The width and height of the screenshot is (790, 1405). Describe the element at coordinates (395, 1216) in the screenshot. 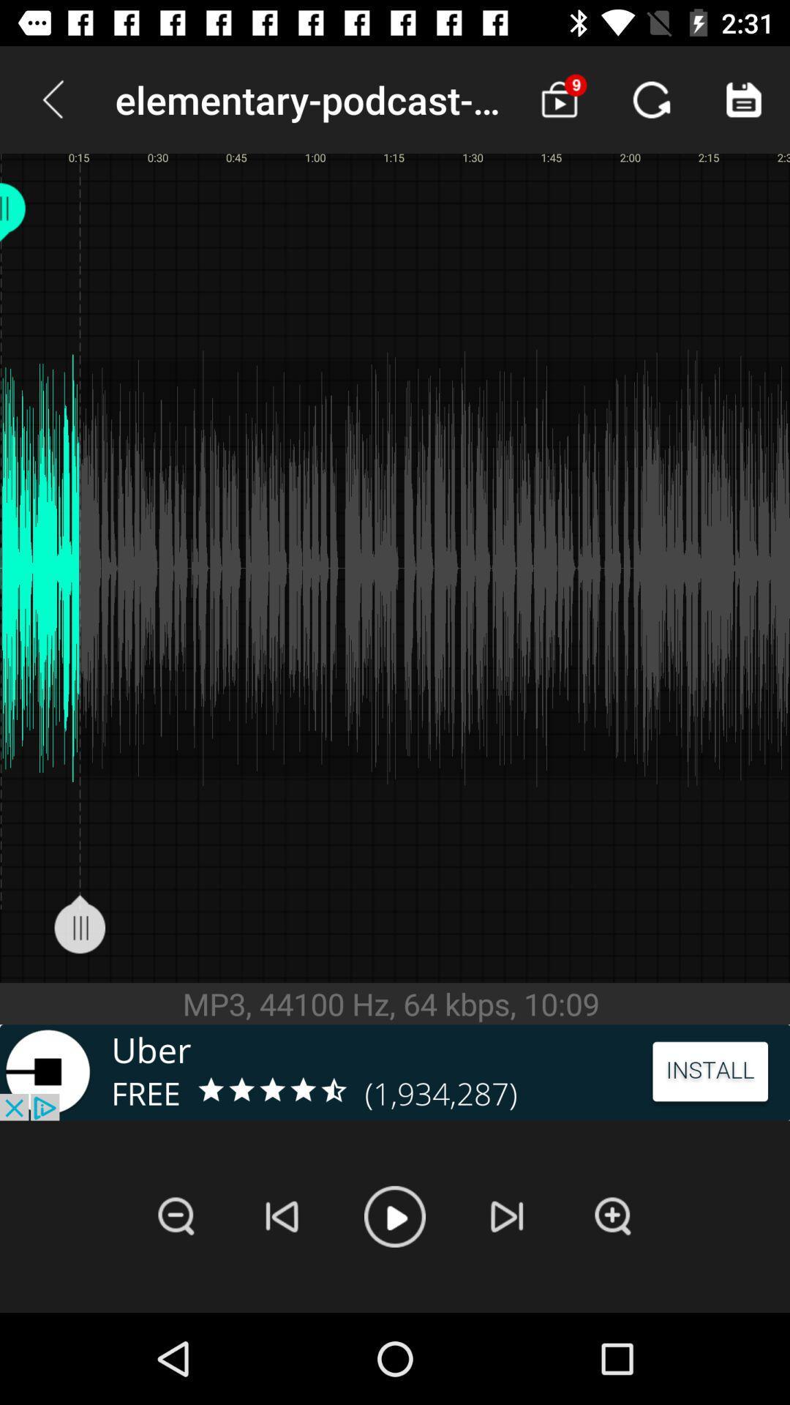

I see `audio` at that location.